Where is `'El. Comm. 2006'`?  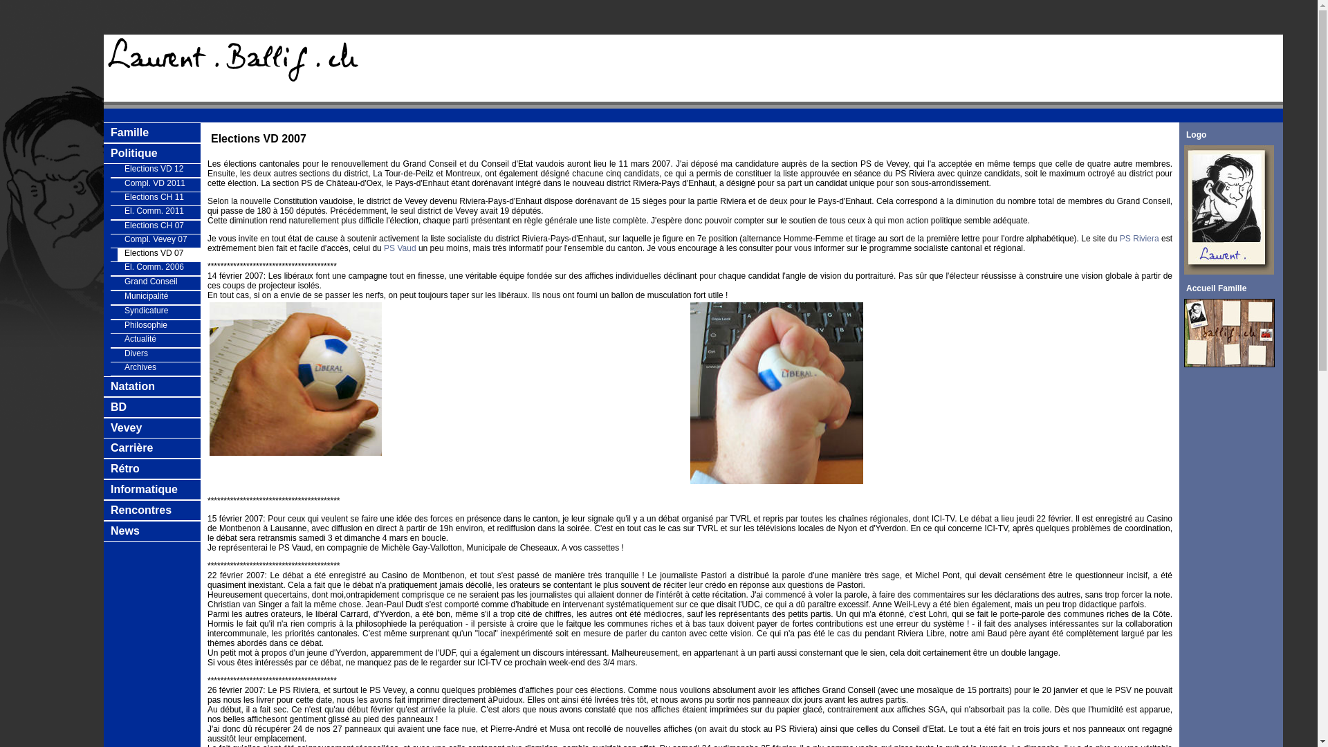
'El. Comm. 2006' is located at coordinates (159, 268).